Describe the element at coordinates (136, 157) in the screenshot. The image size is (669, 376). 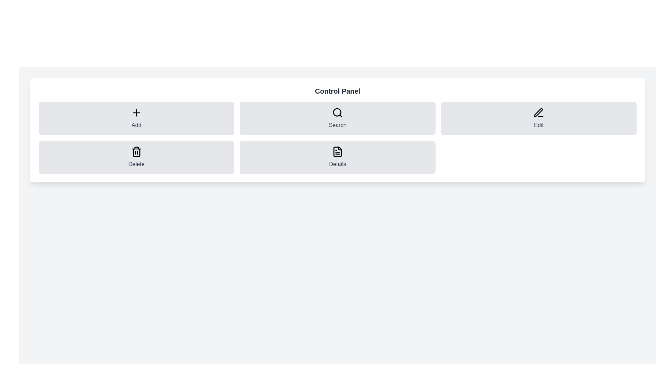
I see `the 'Delete' button, which is a rectangular button with a light gray background and a trash can icon, located in the second row, first column of the control panel grid layout` at that location.